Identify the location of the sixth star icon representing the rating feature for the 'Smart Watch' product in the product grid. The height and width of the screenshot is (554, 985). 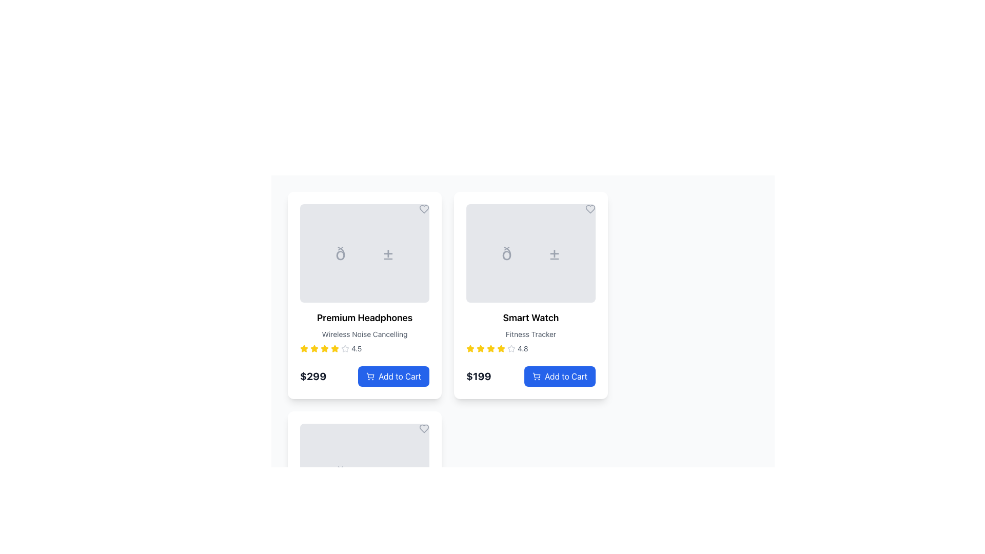
(501, 348).